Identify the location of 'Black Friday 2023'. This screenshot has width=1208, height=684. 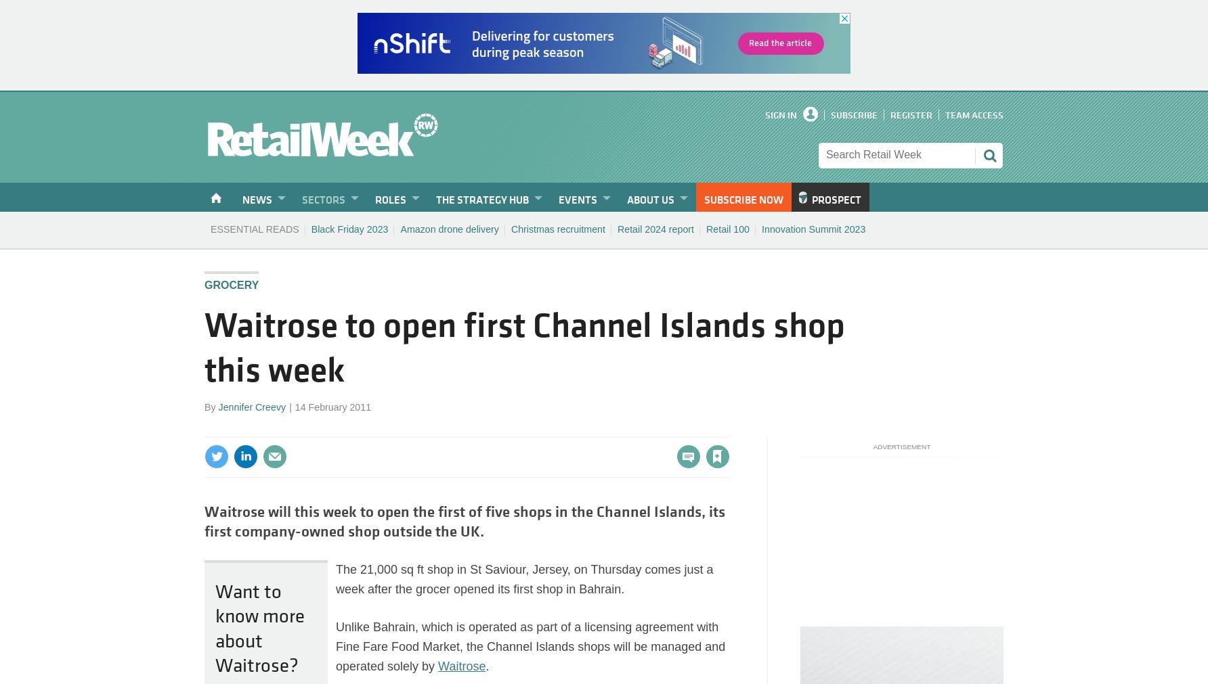
(349, 228).